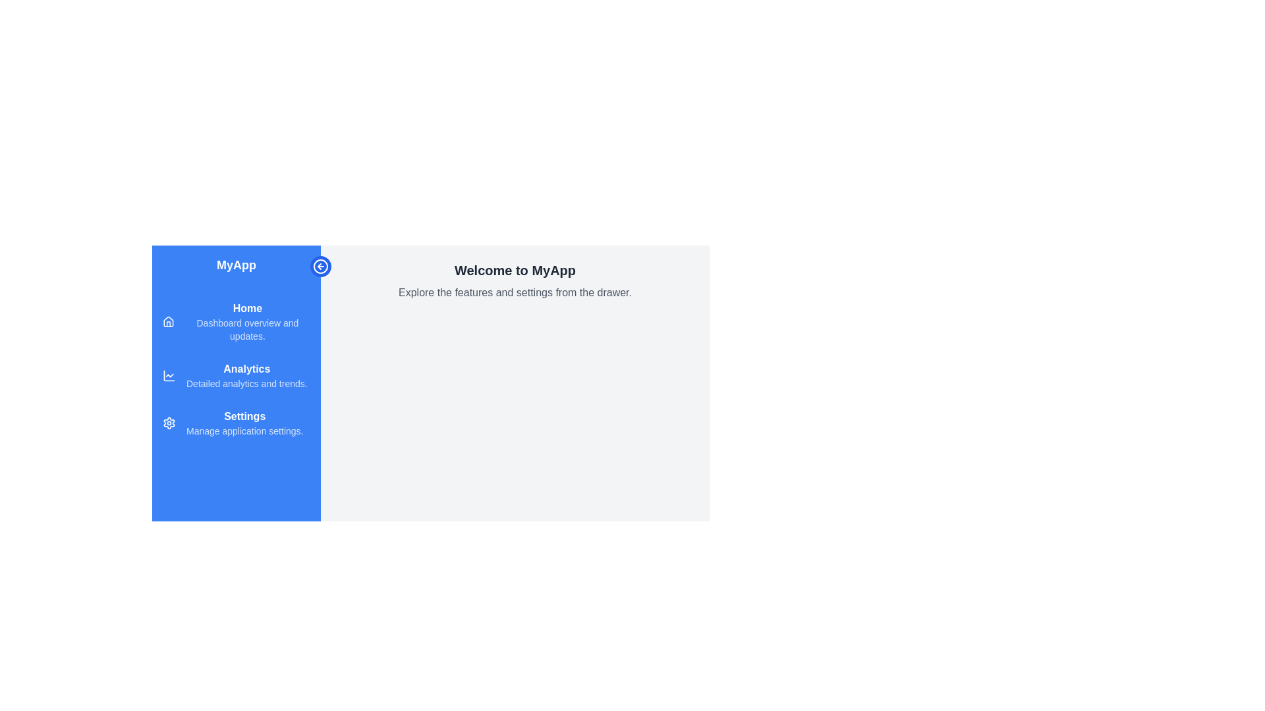 The image size is (1265, 711). What do you see at coordinates (237, 322) in the screenshot?
I see `the menu item Home to view its hover effect` at bounding box center [237, 322].